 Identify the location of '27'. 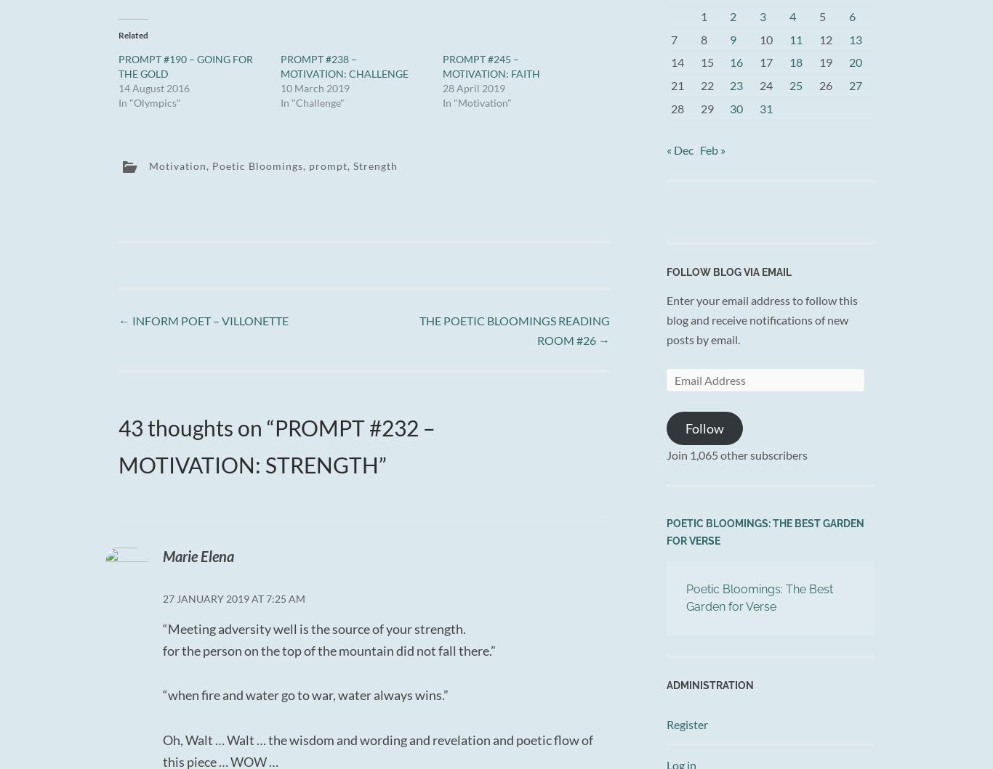
(854, 84).